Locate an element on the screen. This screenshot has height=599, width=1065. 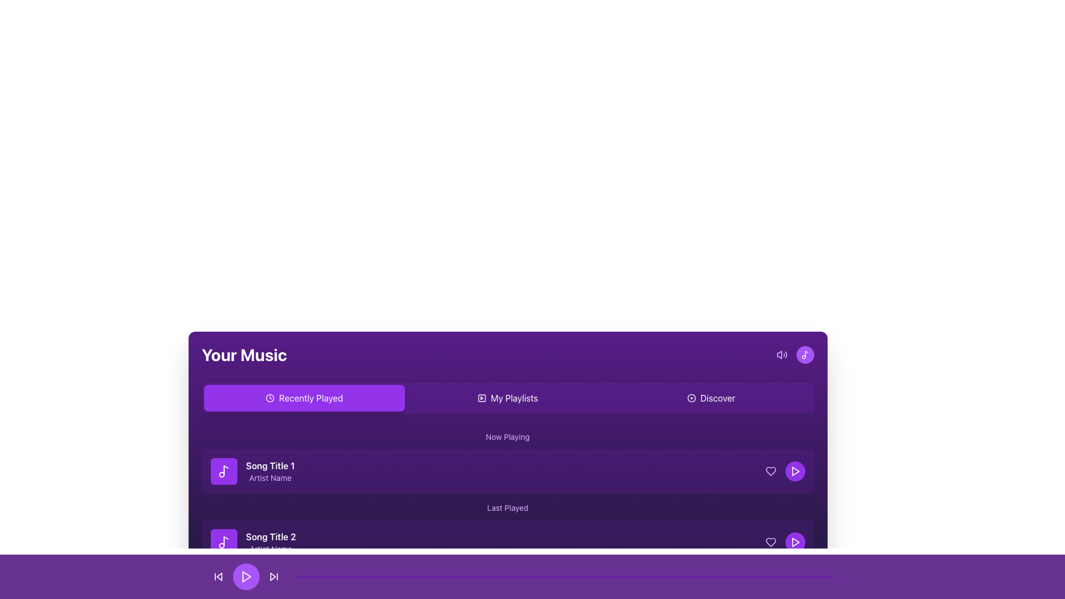
the 'favorite' icon located at the right end of the second song entry to mark the song as a favorite is located at coordinates (770, 542).